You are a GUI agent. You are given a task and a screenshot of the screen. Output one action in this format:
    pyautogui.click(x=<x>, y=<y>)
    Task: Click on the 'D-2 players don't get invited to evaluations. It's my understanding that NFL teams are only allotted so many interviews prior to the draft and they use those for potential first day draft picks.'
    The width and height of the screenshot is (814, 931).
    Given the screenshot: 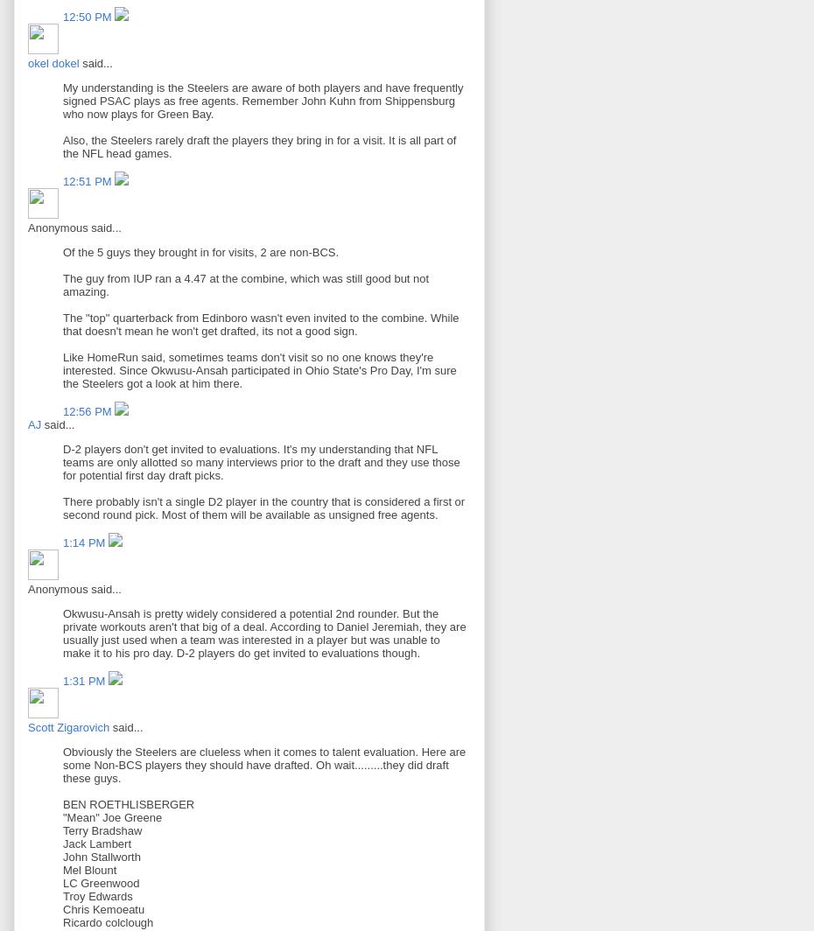 What is the action you would take?
    pyautogui.click(x=261, y=462)
    